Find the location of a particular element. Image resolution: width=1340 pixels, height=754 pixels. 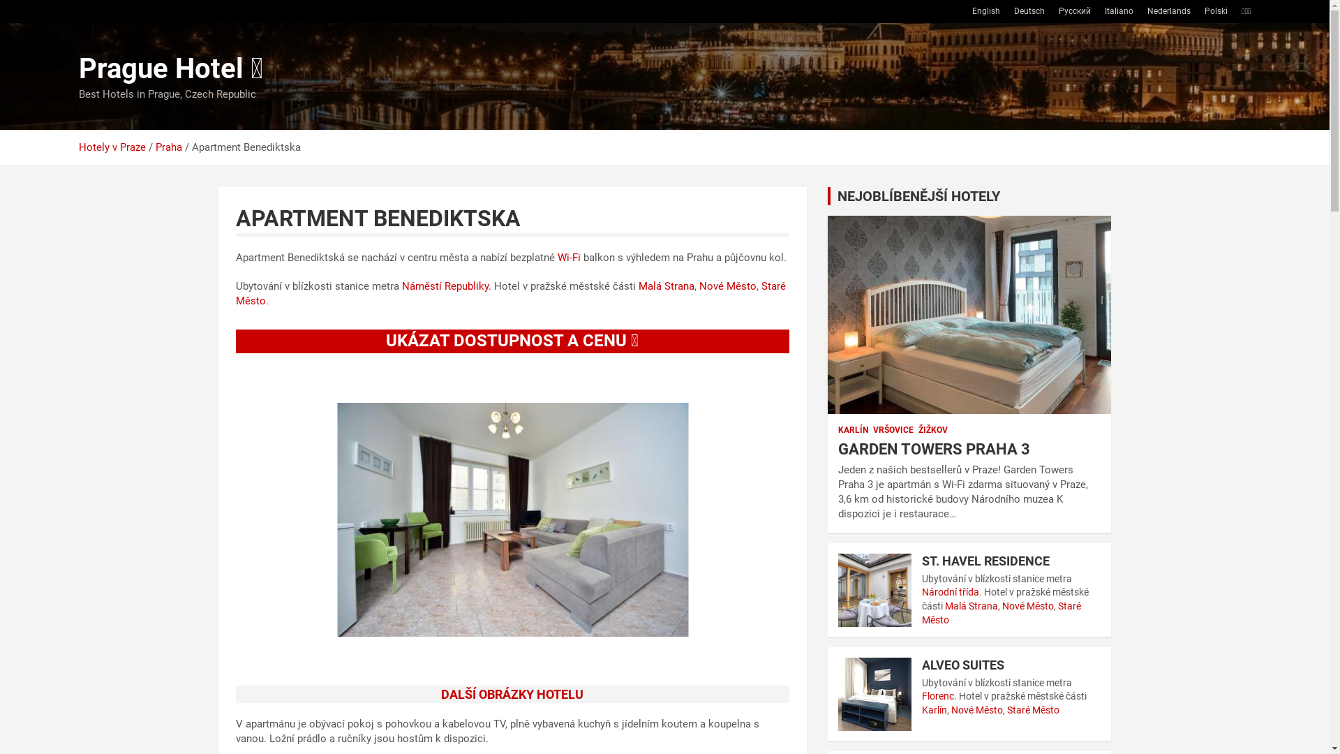

'Wi-Fi' is located at coordinates (568, 258).